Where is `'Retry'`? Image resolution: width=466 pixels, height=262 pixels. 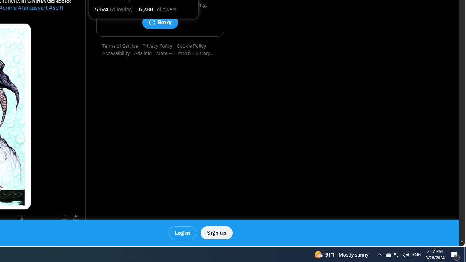
'Retry' is located at coordinates (159, 22).